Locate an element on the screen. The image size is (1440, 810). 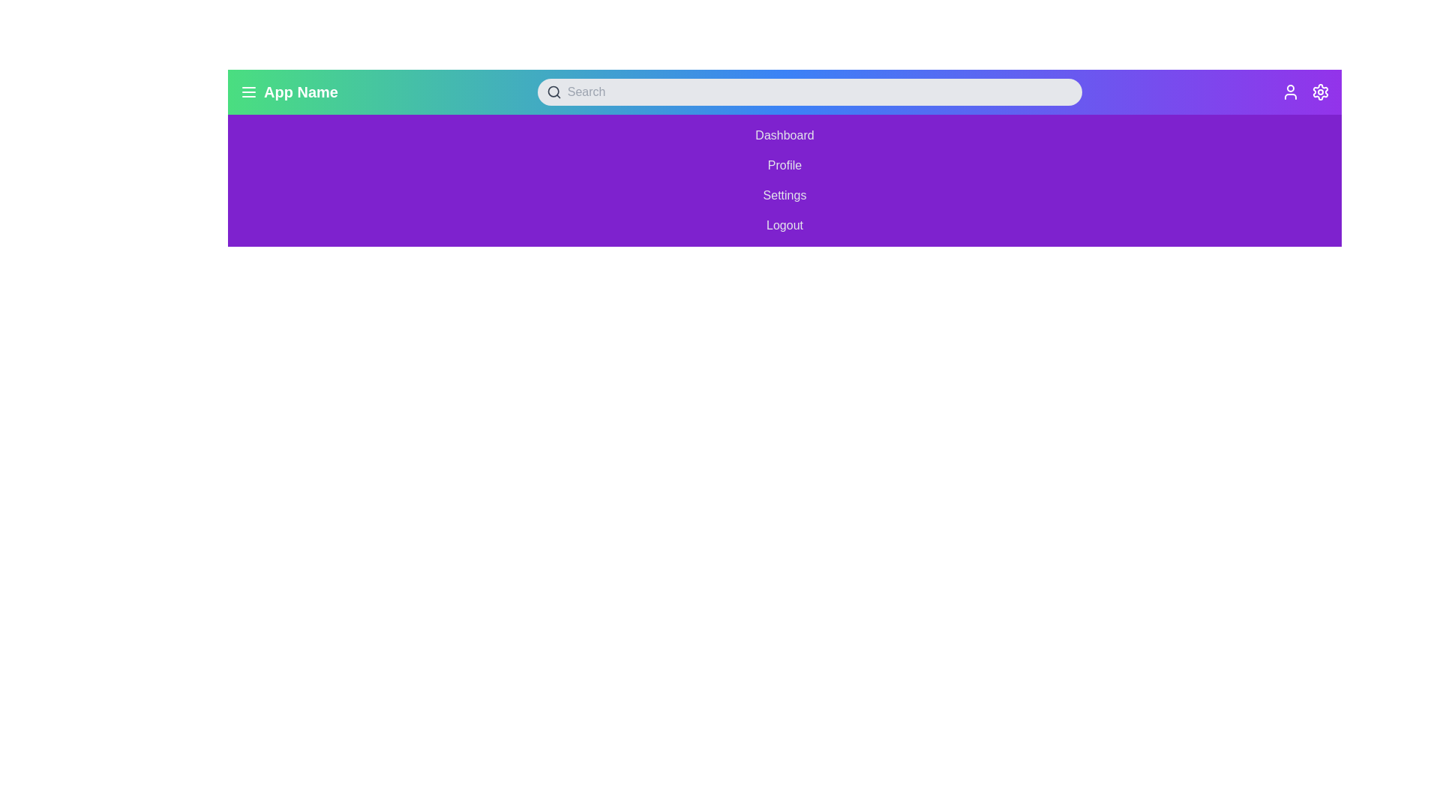
the 'Logout' button with a purple background and white text, located at the bottom of the options list, to observe hover effects is located at coordinates (784, 225).